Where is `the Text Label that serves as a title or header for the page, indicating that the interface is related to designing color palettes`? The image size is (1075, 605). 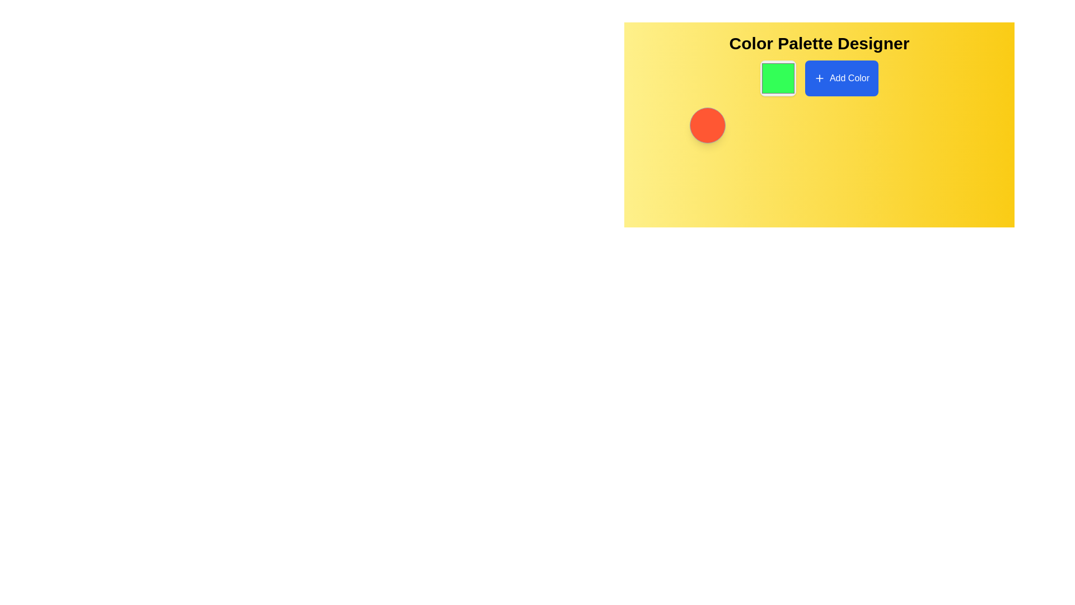
the Text Label that serves as a title or header for the page, indicating that the interface is related to designing color palettes is located at coordinates (819, 43).